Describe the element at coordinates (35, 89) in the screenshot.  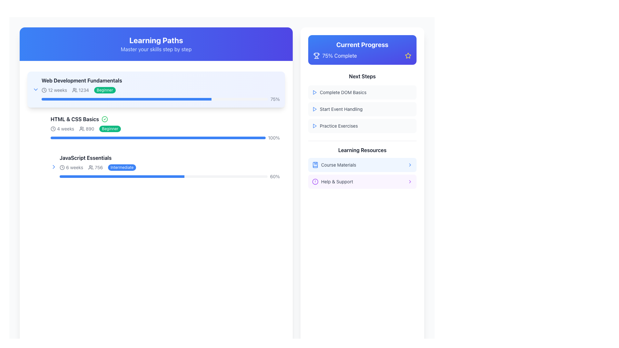
I see `the chevron icon located to the left of the 'Web Development Fundamentals' course title` at that location.